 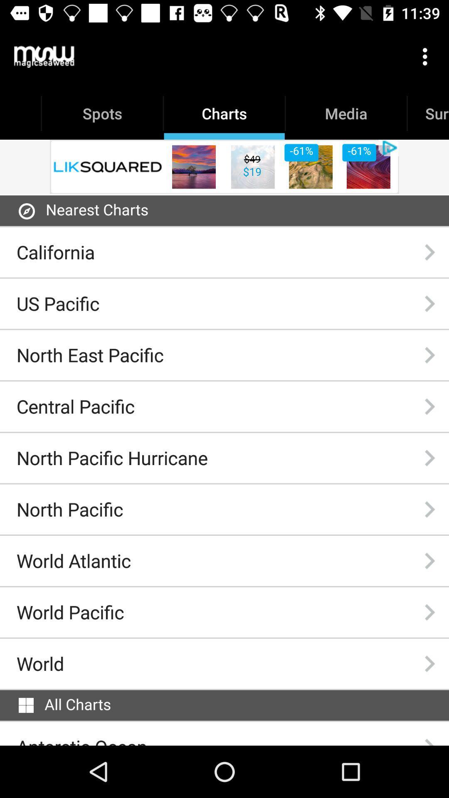 What do you see at coordinates (429, 303) in the screenshot?
I see `the icon to the right of us pacific` at bounding box center [429, 303].